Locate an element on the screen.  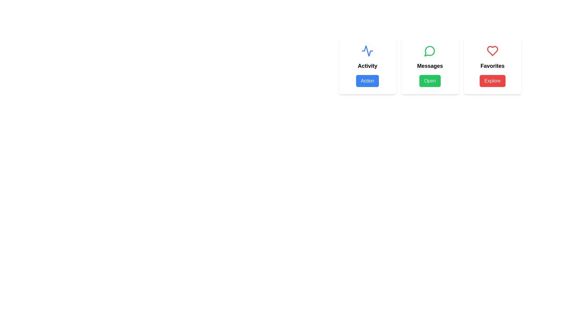
the heart icon in the 'Favorites' panel, which signifies the 'Favorites' section and is located at the top-center of the panel above the text 'Explore' is located at coordinates (492, 50).